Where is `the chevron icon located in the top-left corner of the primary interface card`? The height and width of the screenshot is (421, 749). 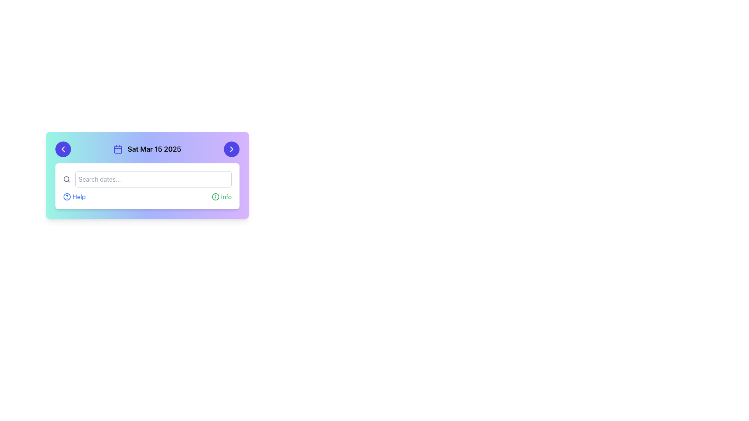
the chevron icon located in the top-left corner of the primary interface card is located at coordinates (63, 149).